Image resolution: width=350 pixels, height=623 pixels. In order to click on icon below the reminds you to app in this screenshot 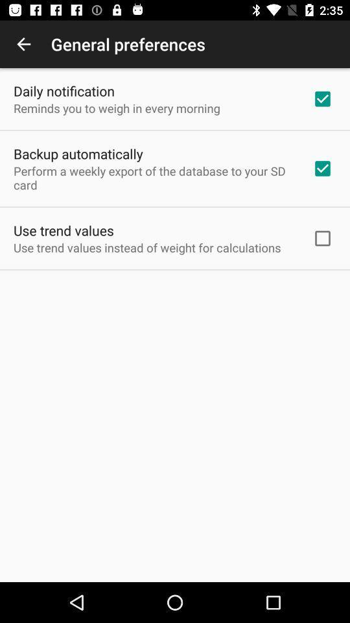, I will do `click(78, 154)`.